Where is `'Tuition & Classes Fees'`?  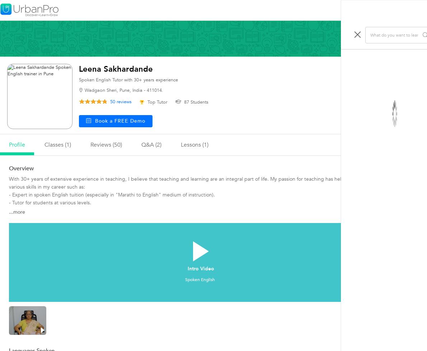 'Tuition & Classes Fees' is located at coordinates (376, 132).